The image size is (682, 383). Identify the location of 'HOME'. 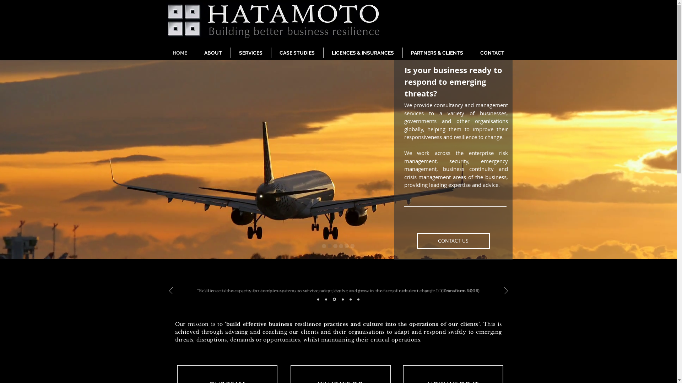
(179, 52).